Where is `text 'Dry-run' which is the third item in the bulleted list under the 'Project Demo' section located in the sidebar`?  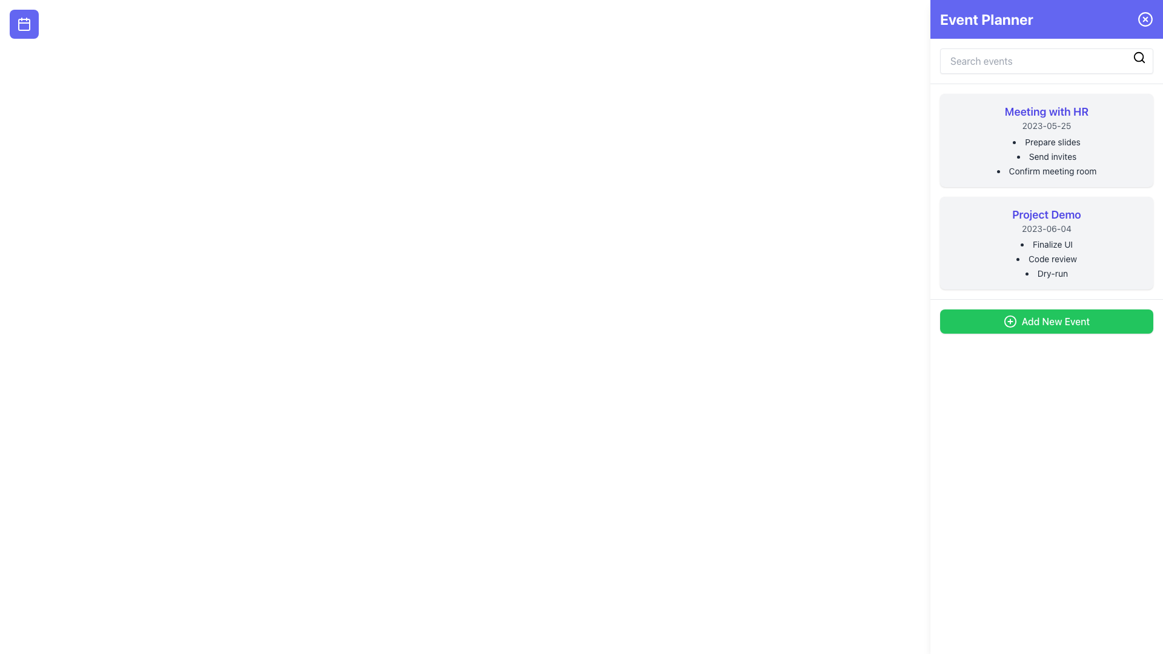
text 'Dry-run' which is the third item in the bulleted list under the 'Project Demo' section located in the sidebar is located at coordinates (1046, 273).